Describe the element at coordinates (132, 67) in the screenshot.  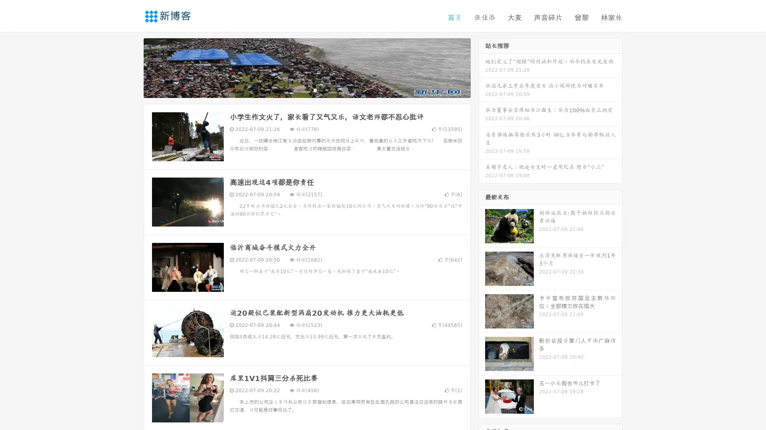
I see `Previous slide` at that location.